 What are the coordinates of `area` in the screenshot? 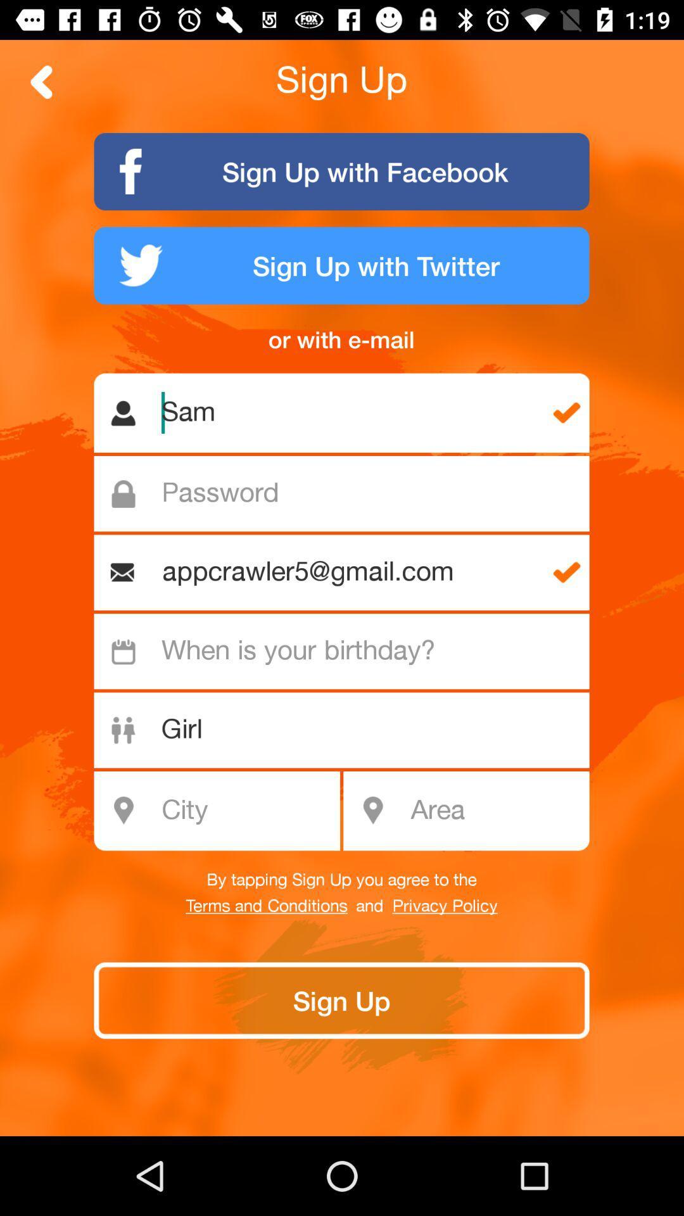 It's located at (495, 811).